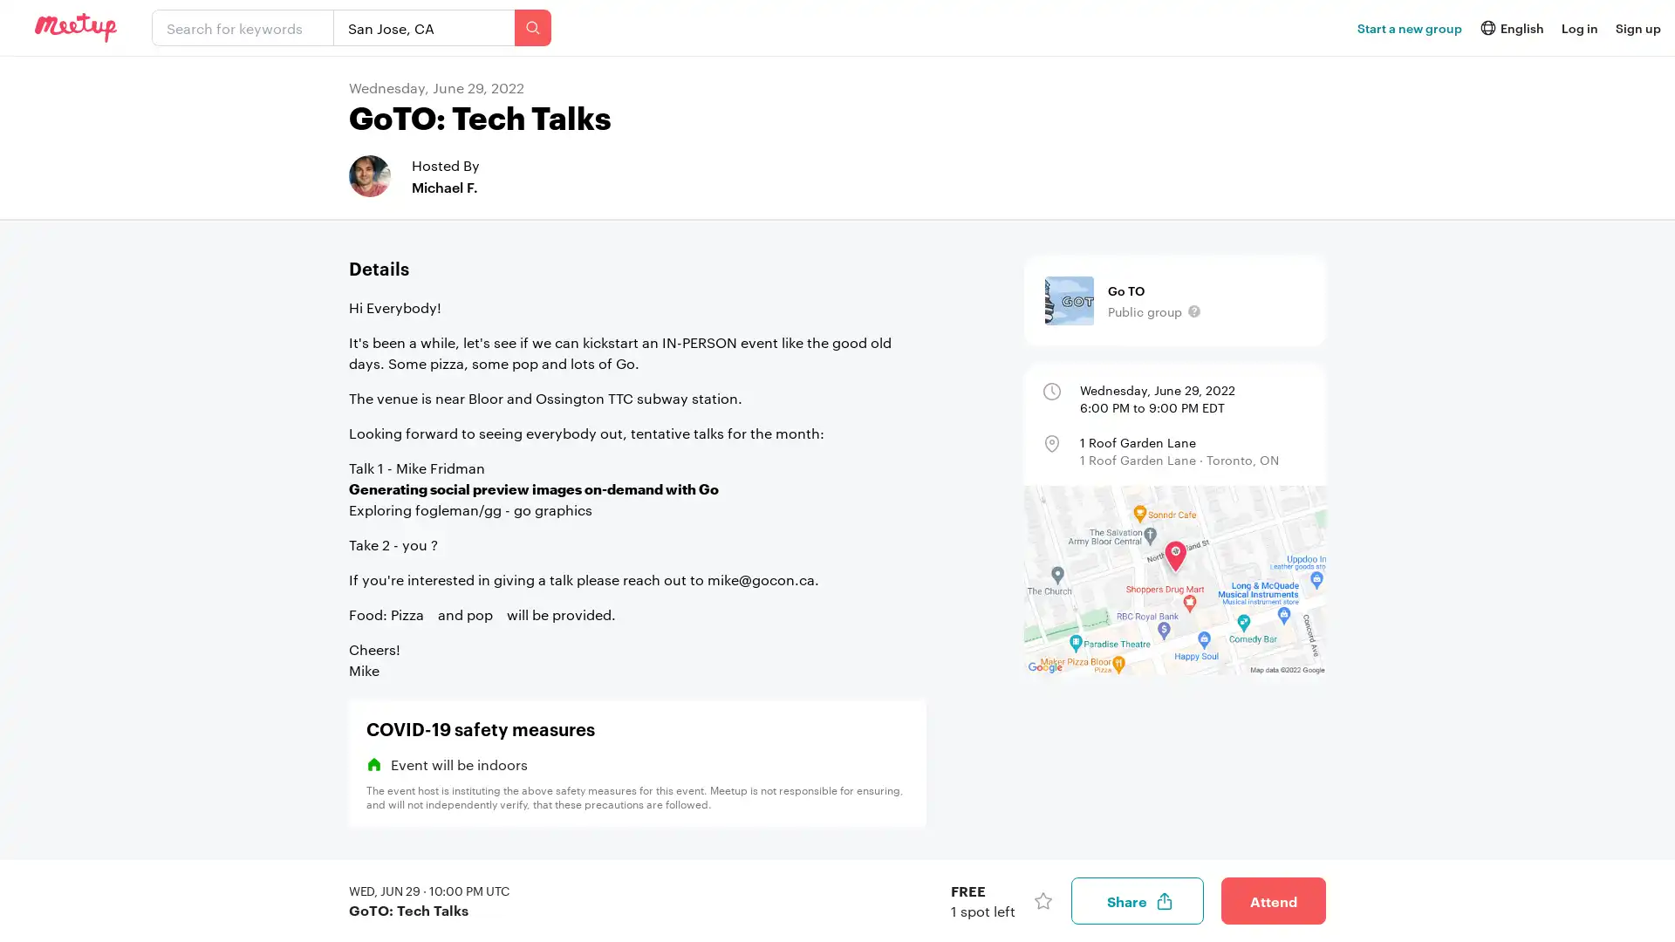  I want to click on Search events, so click(531, 27).